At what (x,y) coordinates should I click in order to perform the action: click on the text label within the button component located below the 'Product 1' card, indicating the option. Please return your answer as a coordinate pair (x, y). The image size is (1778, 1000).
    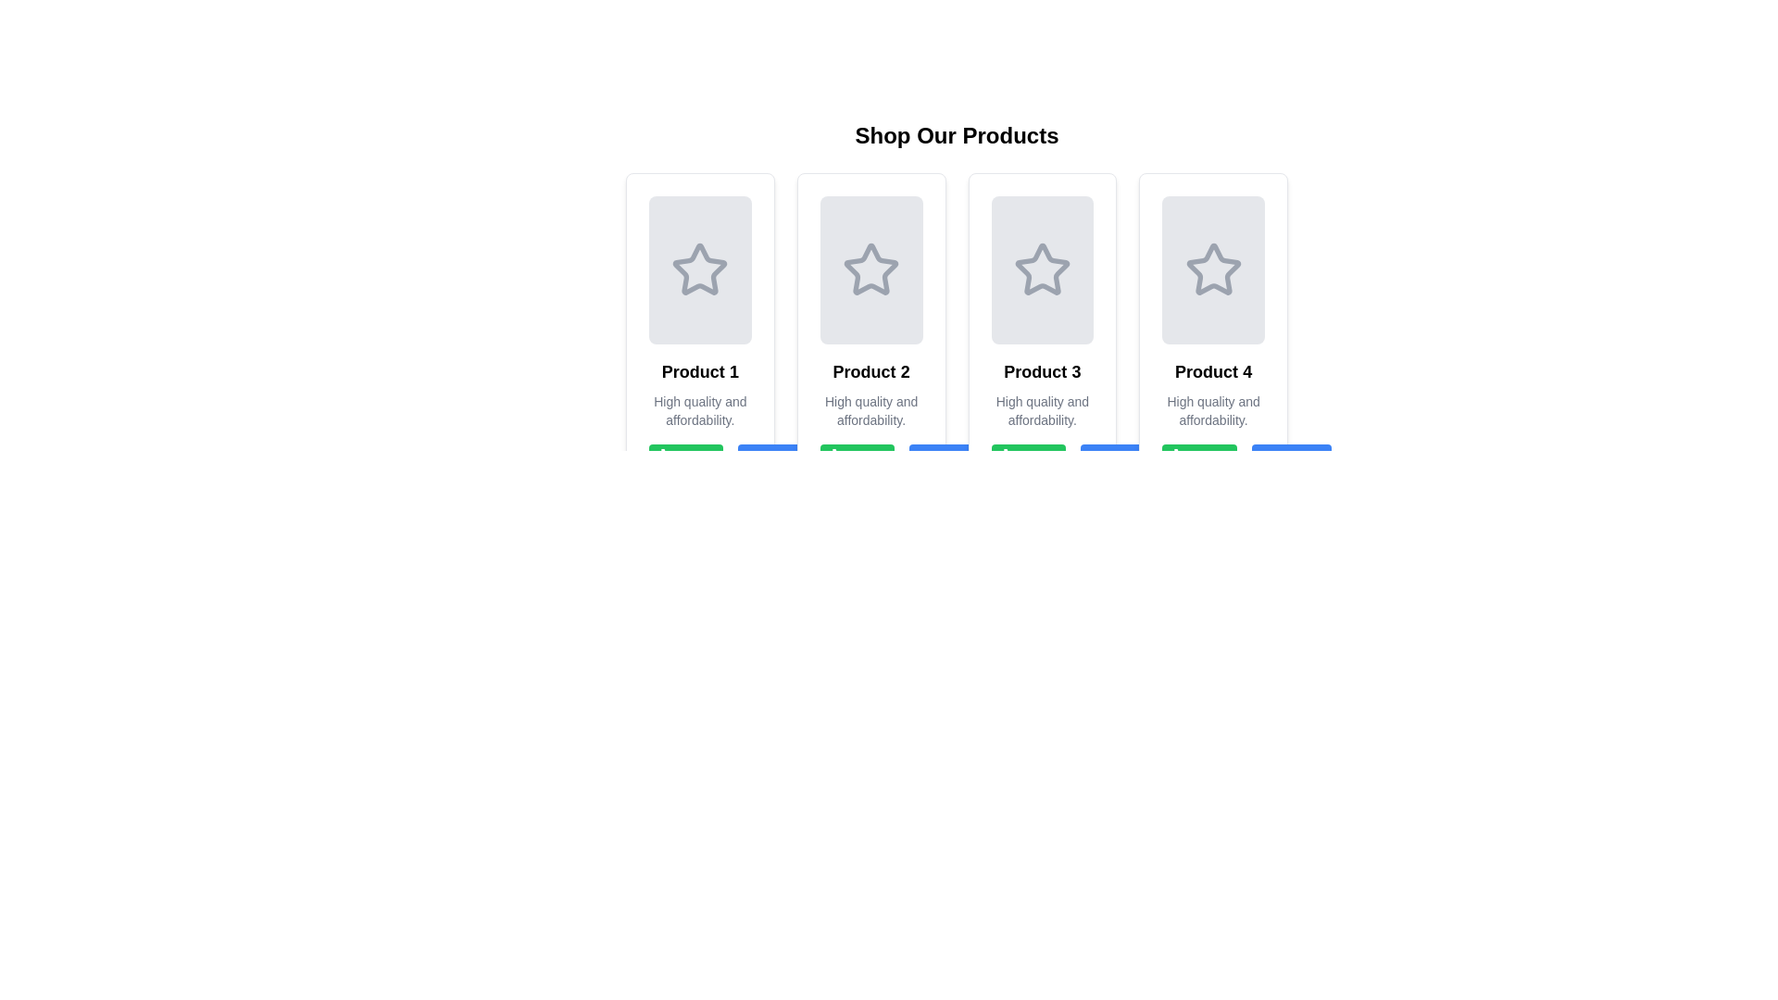
    Looking at the image, I should click on (697, 458).